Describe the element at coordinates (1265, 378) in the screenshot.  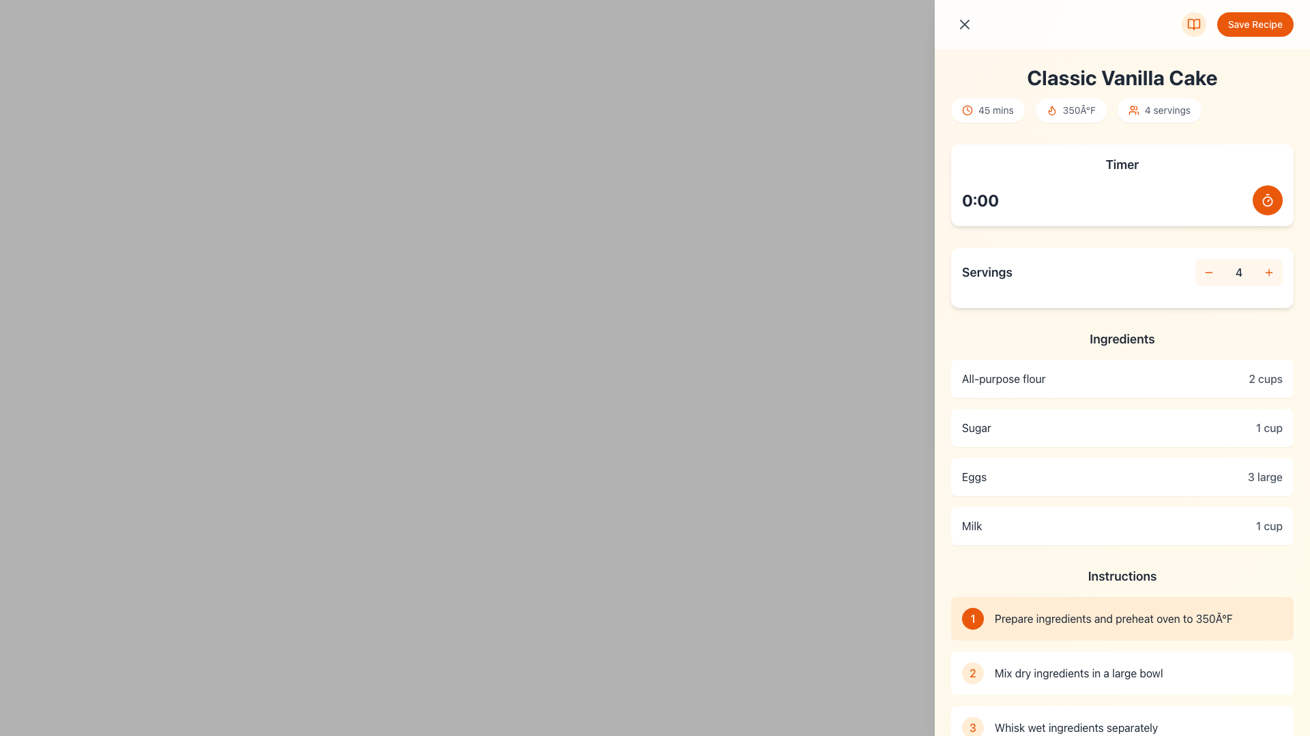
I see `the text label displaying '2 cups', which is styled in medium gray font and located to the right of the 'All-purpose flour' label in the Ingredients section` at that location.